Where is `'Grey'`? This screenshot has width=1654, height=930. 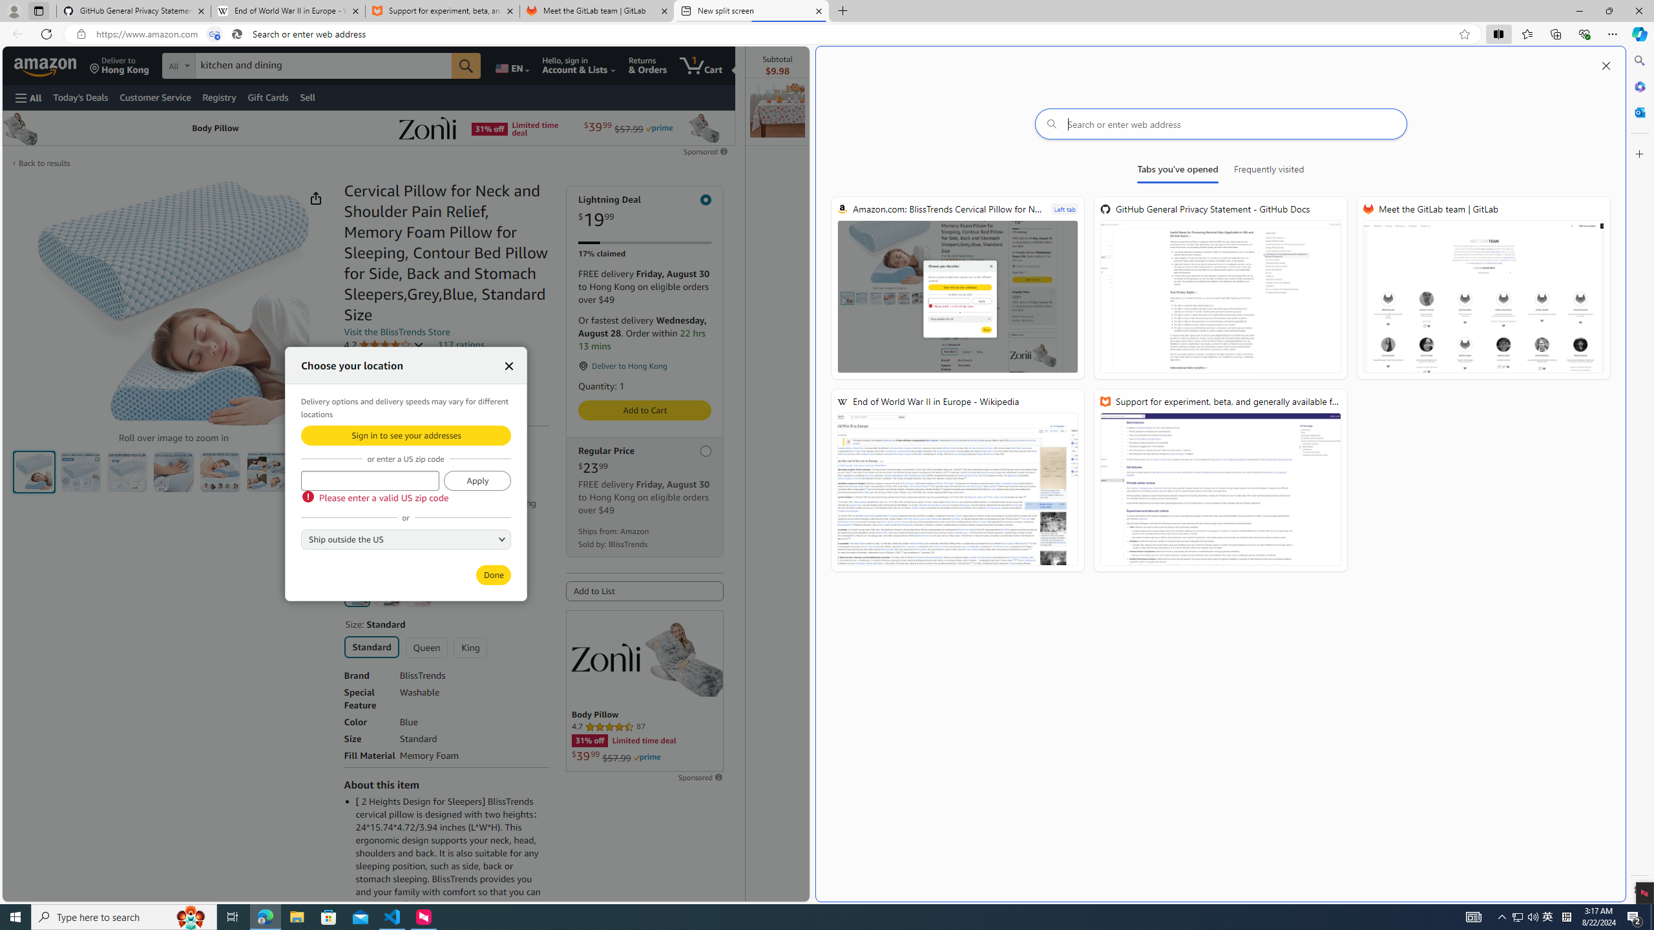
'Grey' is located at coordinates (388, 594).